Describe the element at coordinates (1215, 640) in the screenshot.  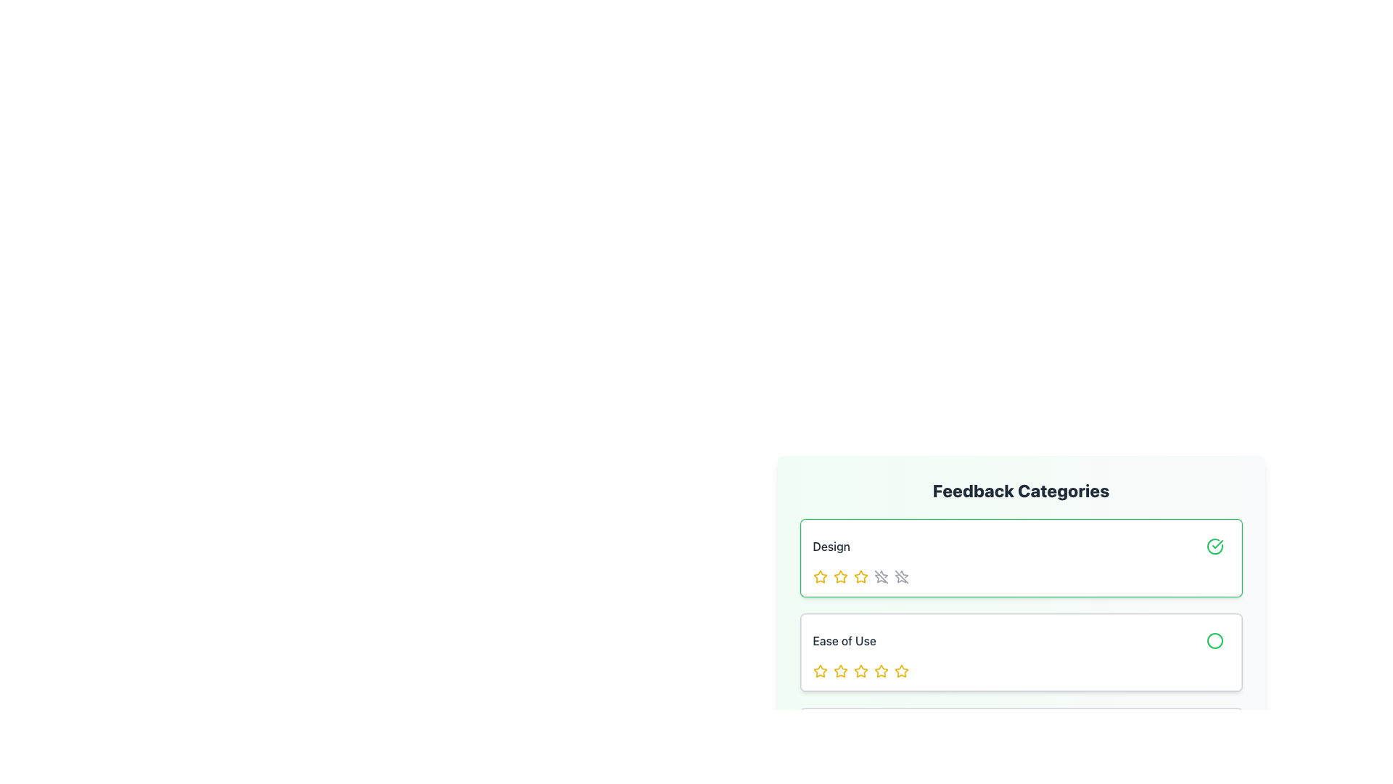
I see `the status indicator located in the 'Ease of Use' category, which appears to serve as a feedback indicator for selection status` at that location.